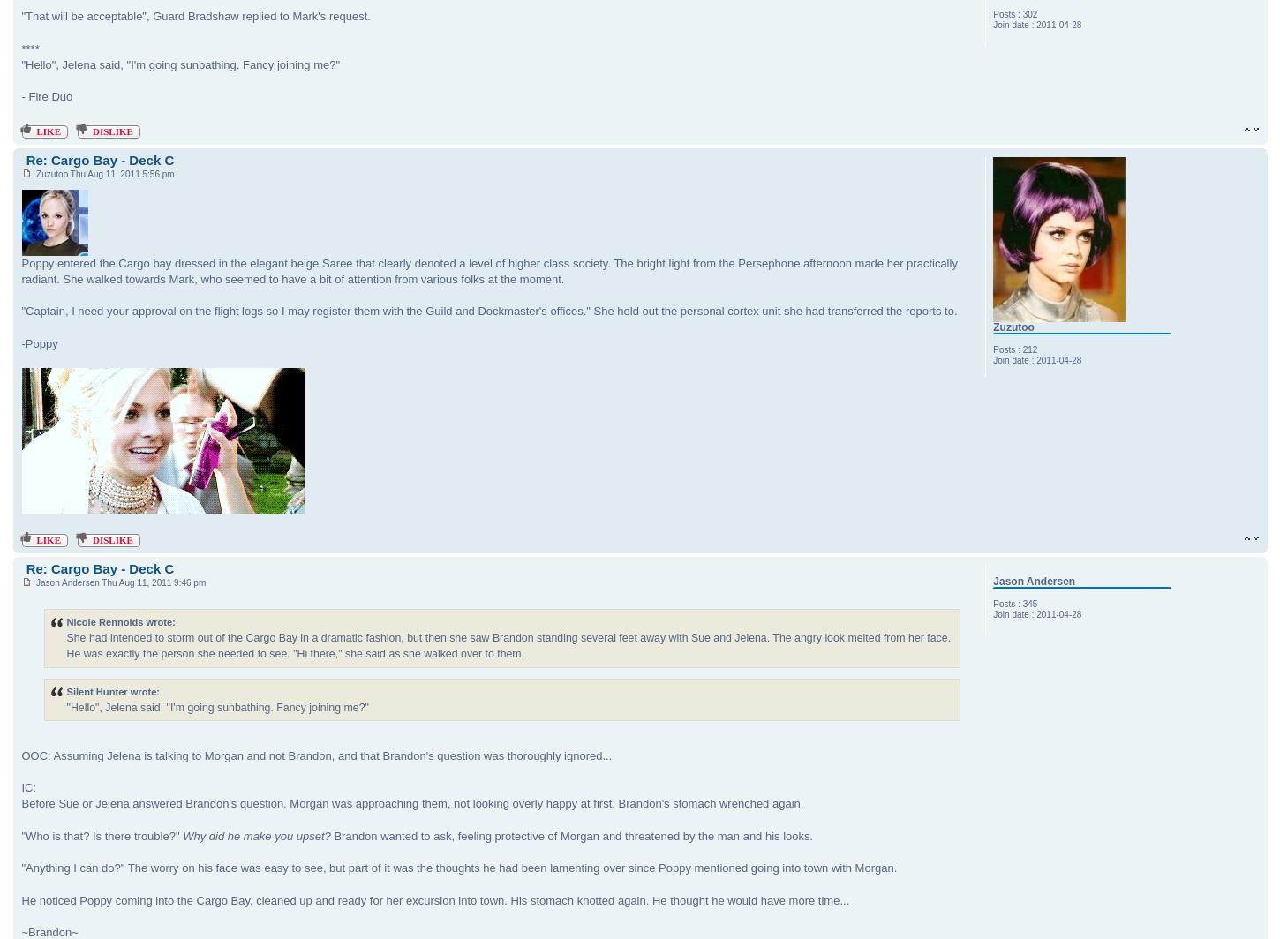 The image size is (1280, 939). I want to click on 'Brandon wanted to ask, feeling protective of Morgan and threatened by the man and his looks.', so click(328, 835).